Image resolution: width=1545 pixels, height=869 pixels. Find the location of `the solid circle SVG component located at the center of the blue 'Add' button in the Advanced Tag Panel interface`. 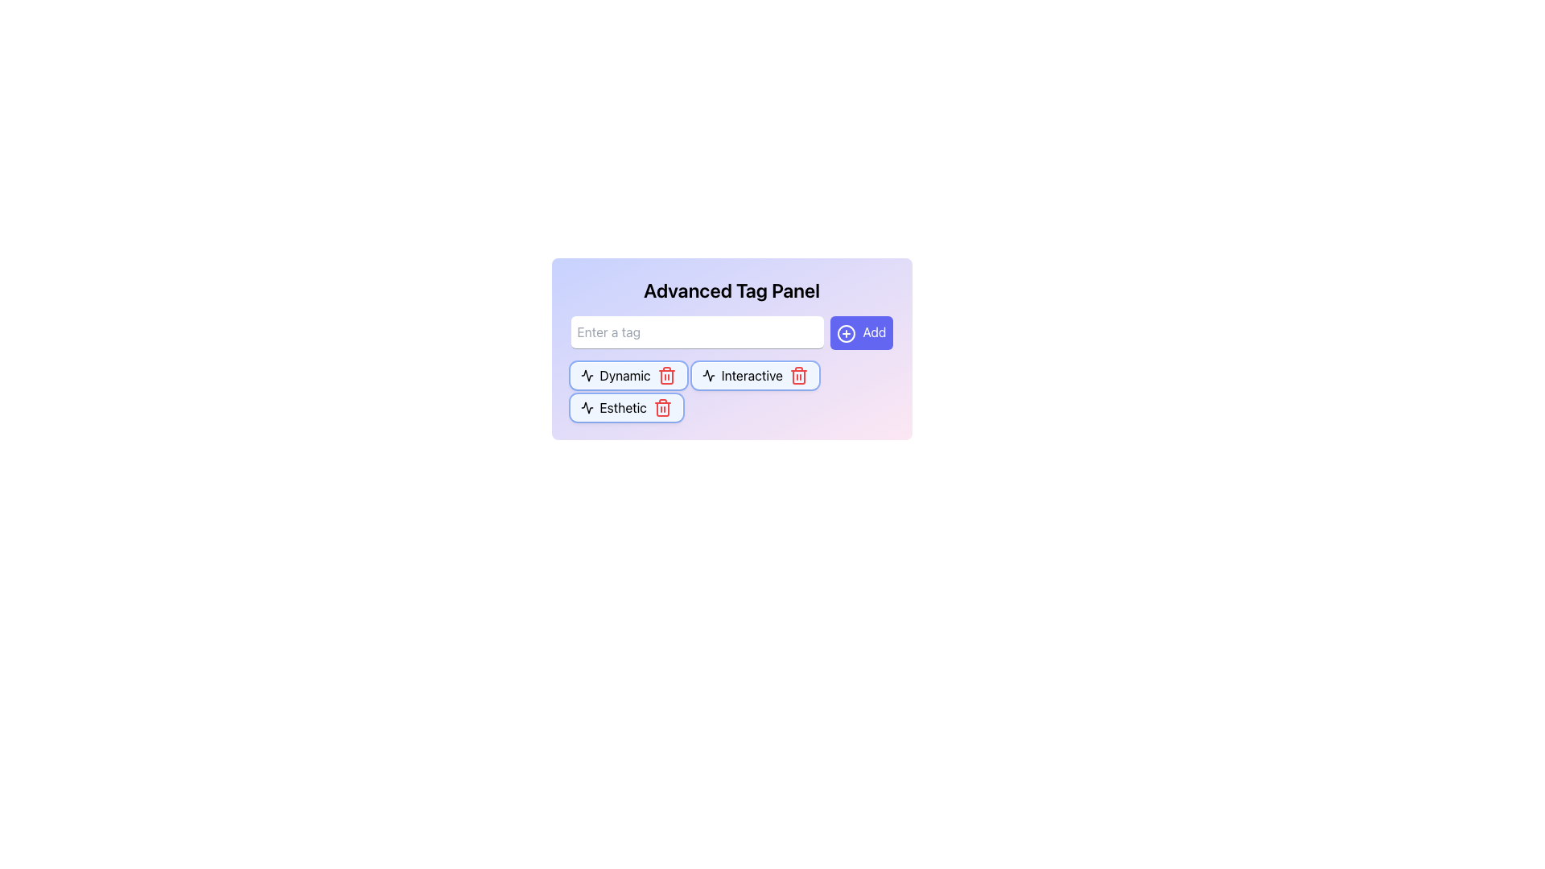

the solid circle SVG component located at the center of the blue 'Add' button in the Advanced Tag Panel interface is located at coordinates (846, 332).